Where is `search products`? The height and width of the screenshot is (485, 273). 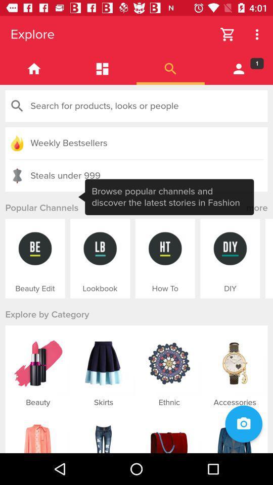
search products is located at coordinates (136, 106).